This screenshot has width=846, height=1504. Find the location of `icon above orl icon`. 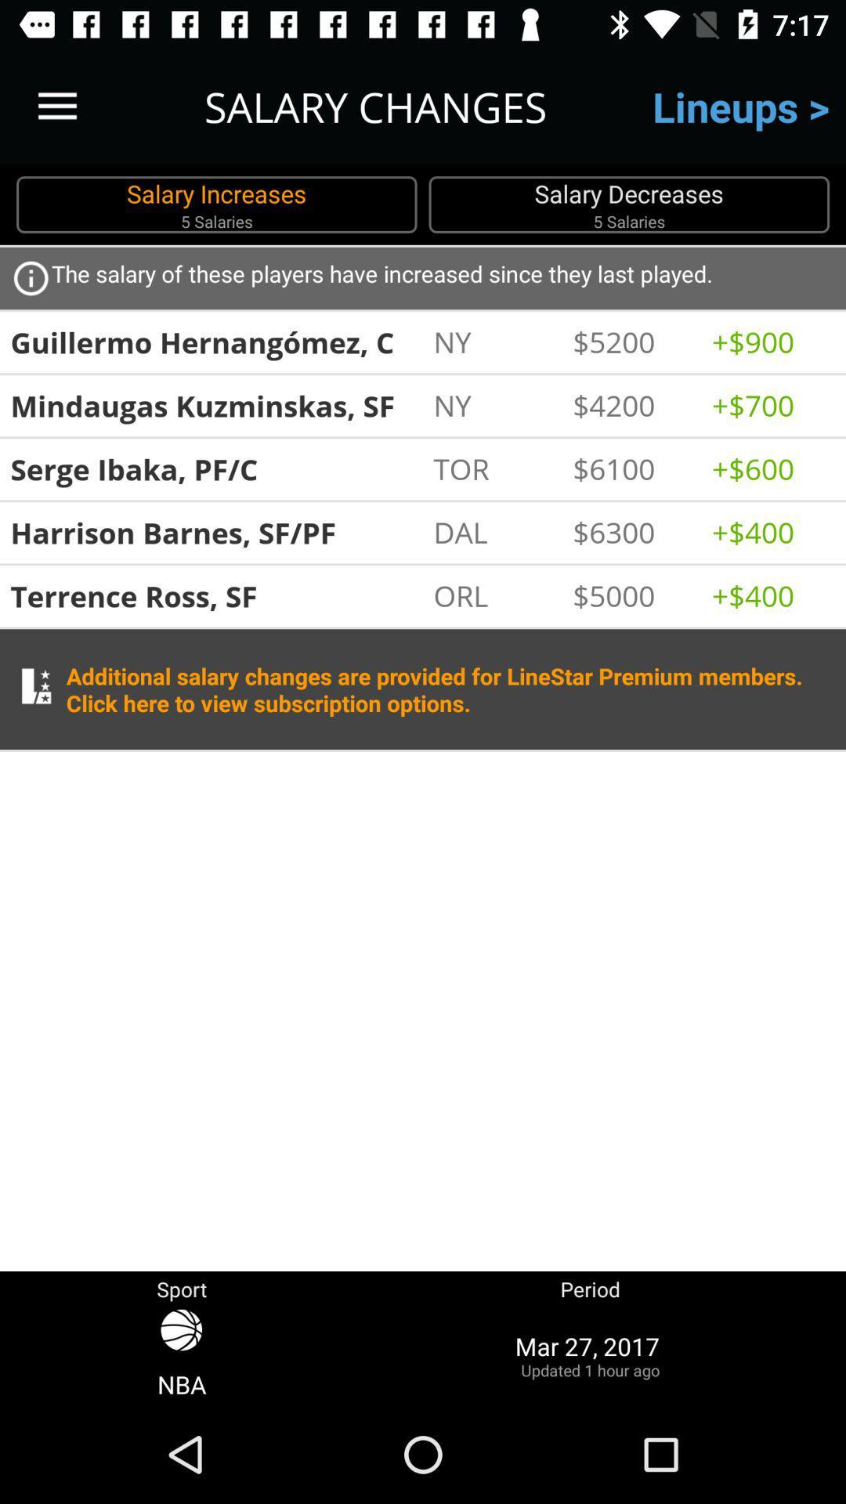

icon above orl icon is located at coordinates (494, 532).